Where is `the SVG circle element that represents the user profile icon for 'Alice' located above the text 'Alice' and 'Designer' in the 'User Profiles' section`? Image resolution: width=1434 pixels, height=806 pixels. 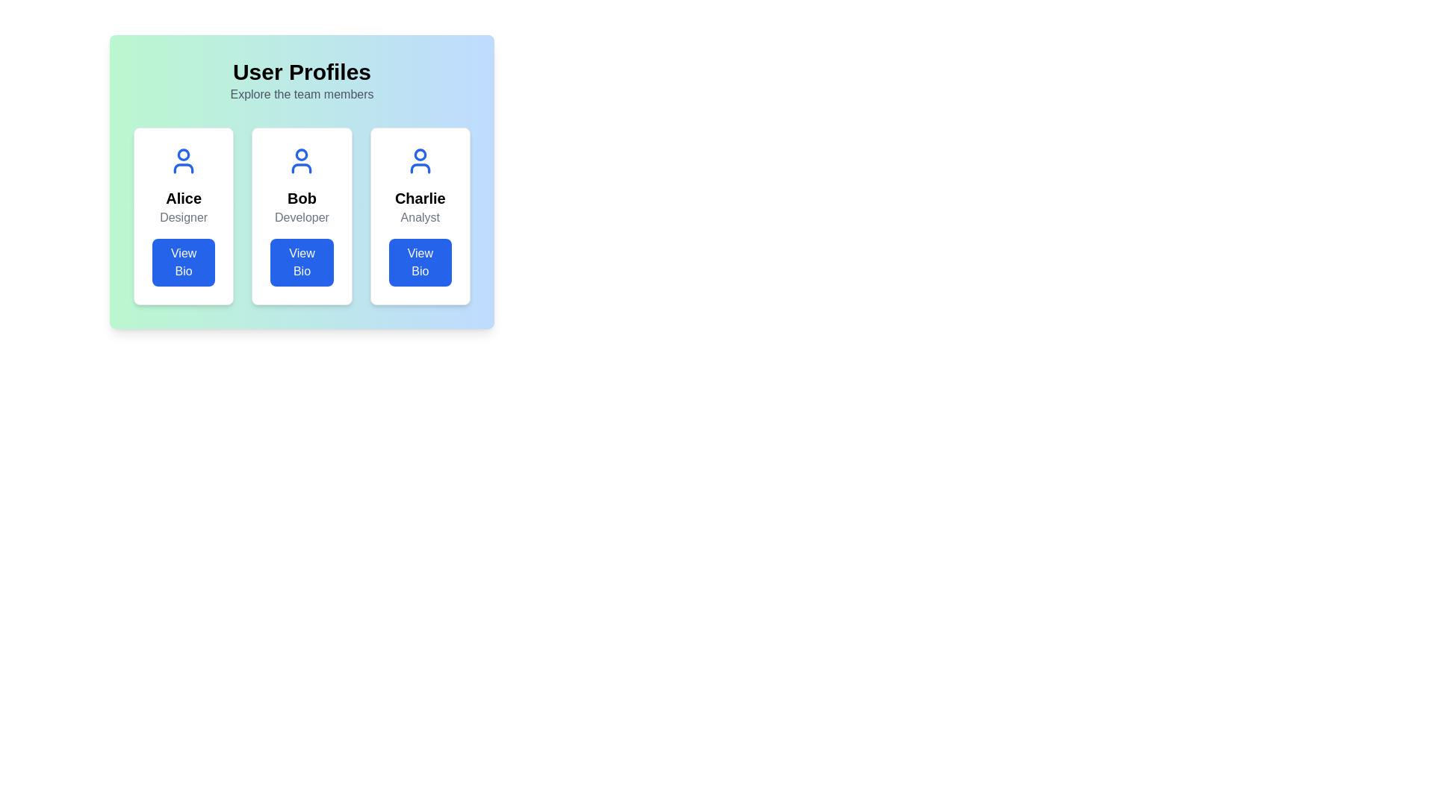 the SVG circle element that represents the user profile icon for 'Alice' located above the text 'Alice' and 'Designer' in the 'User Profiles' section is located at coordinates (183, 154).